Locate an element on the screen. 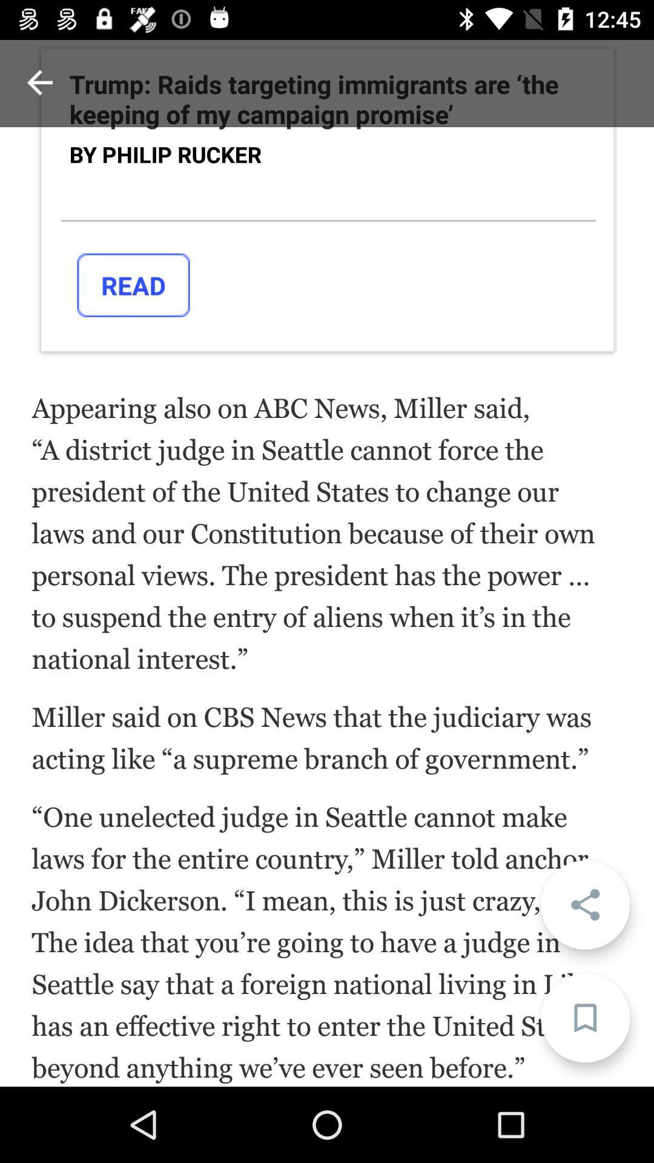 This screenshot has height=1163, width=654. the arrow_backward icon is located at coordinates (39, 82).